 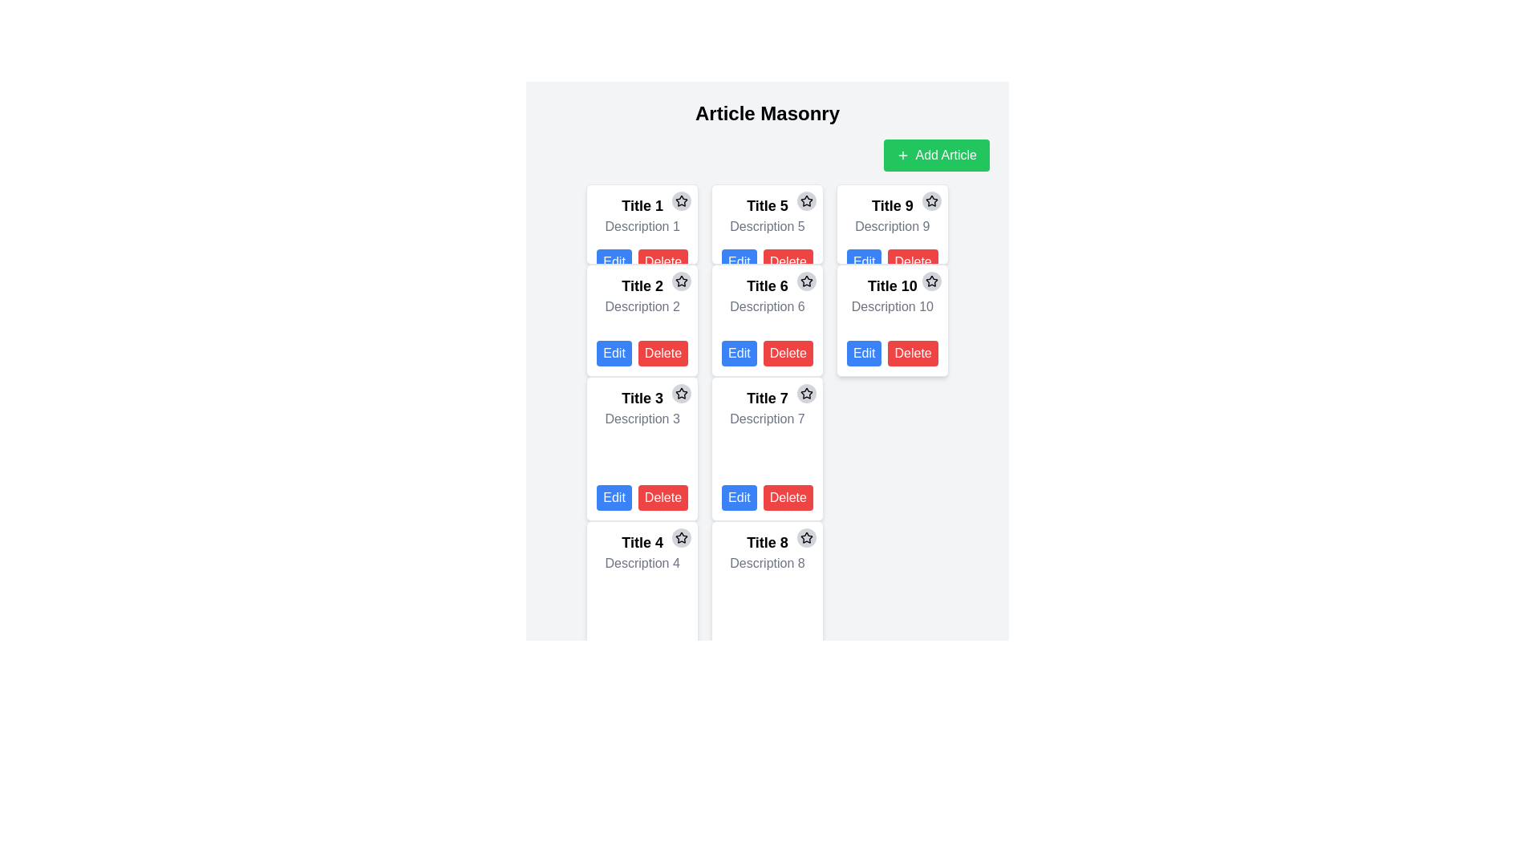 What do you see at coordinates (931, 200) in the screenshot?
I see `the star-shaped icon located at the top-right corner of the 'Title 10' card within the masonry grid` at bounding box center [931, 200].